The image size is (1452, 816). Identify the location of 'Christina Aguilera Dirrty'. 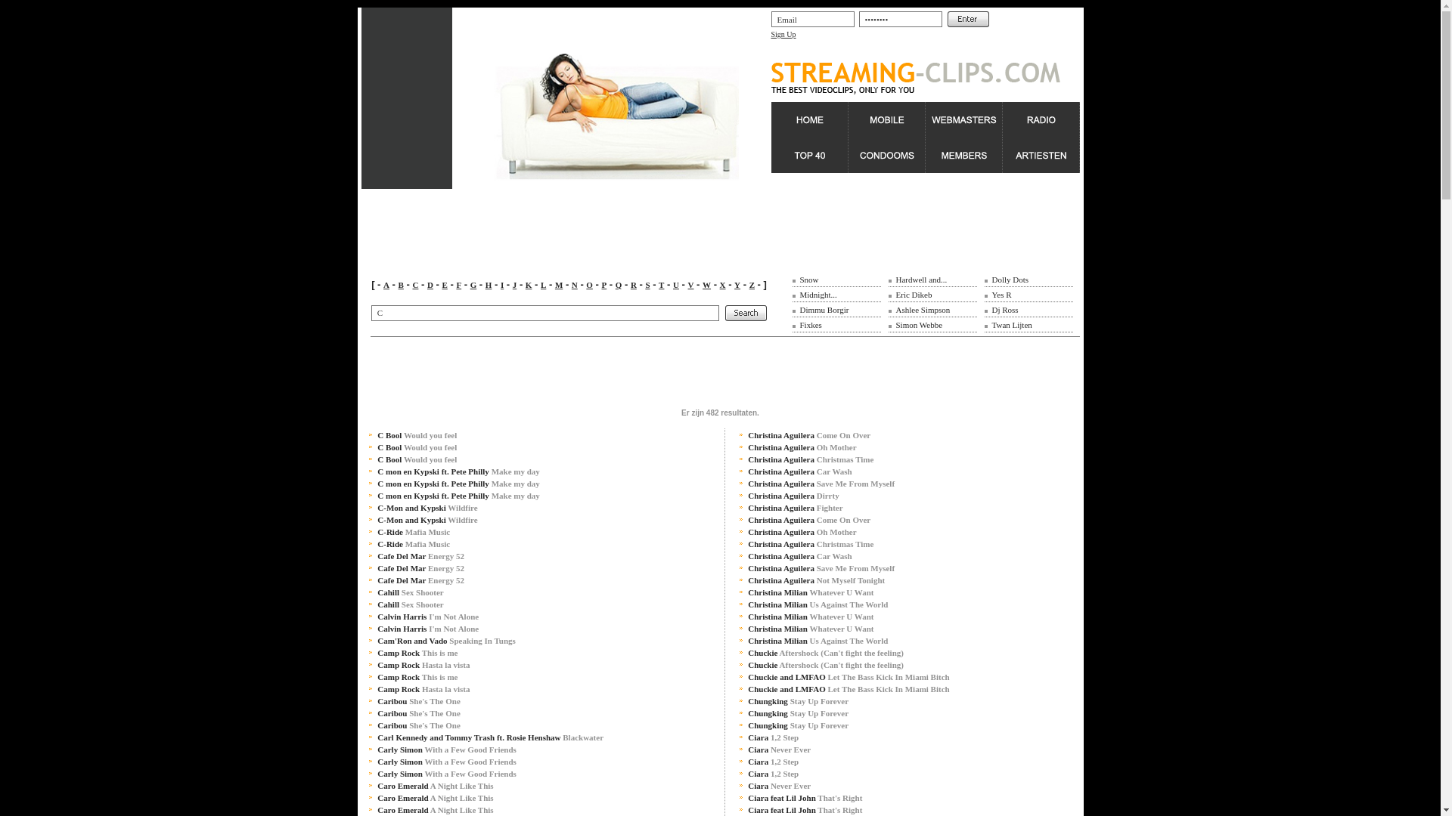
(793, 495).